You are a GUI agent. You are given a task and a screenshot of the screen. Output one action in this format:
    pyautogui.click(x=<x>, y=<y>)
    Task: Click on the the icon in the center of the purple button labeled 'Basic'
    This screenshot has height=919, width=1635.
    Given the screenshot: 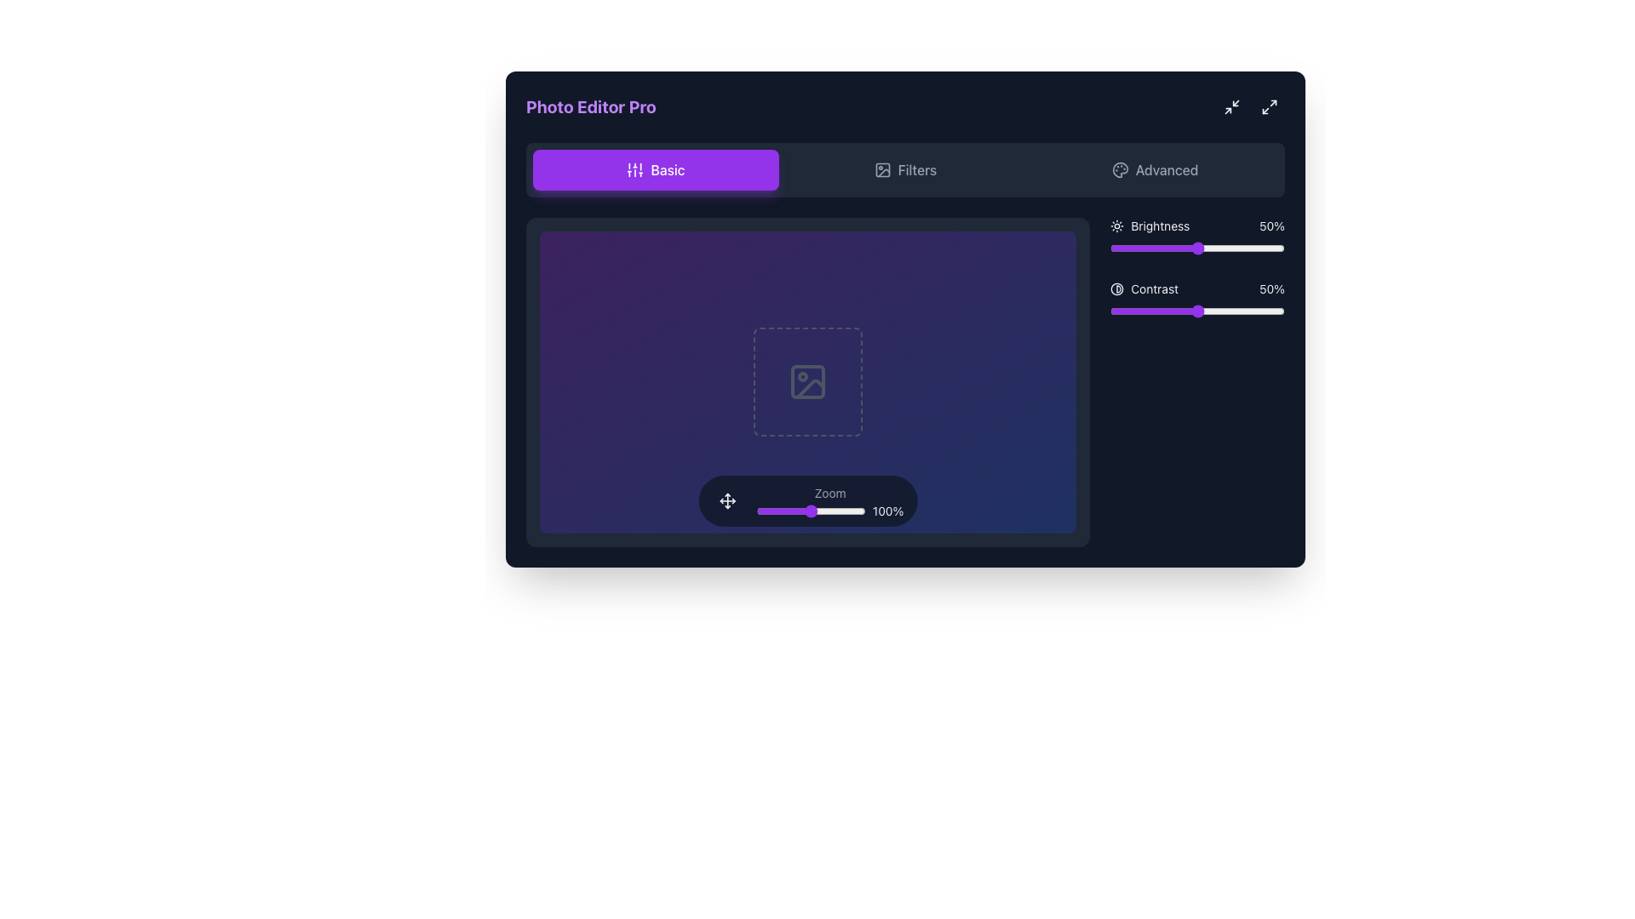 What is the action you would take?
    pyautogui.click(x=634, y=170)
    